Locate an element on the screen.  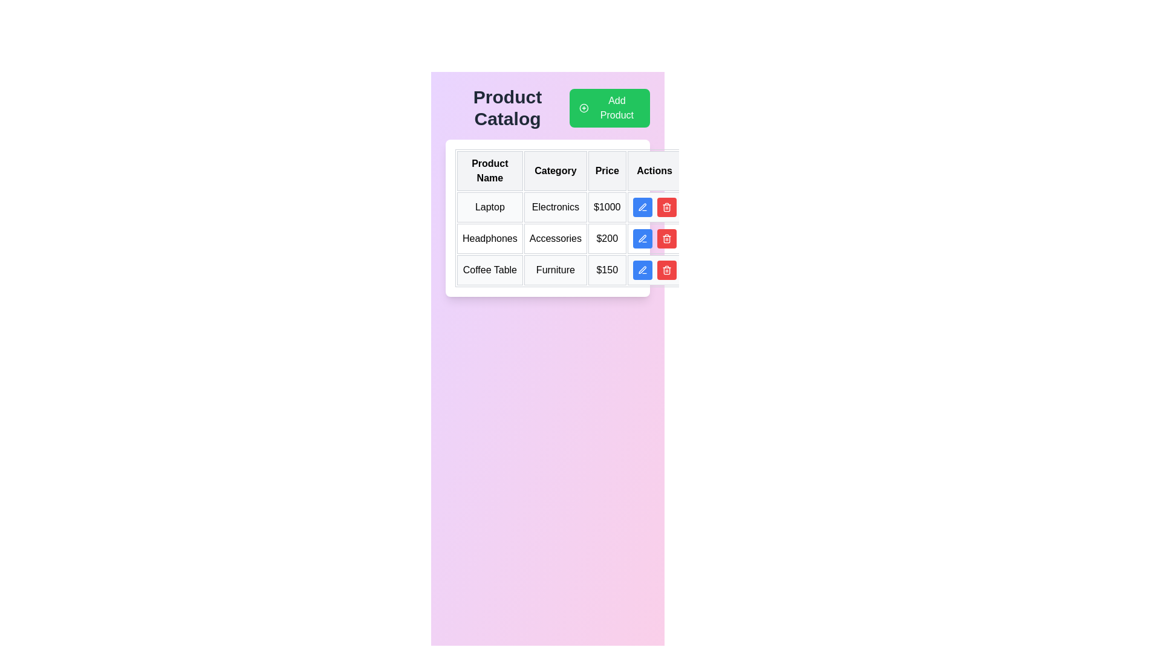
the 'Electronics' table cell is located at coordinates (554, 207).